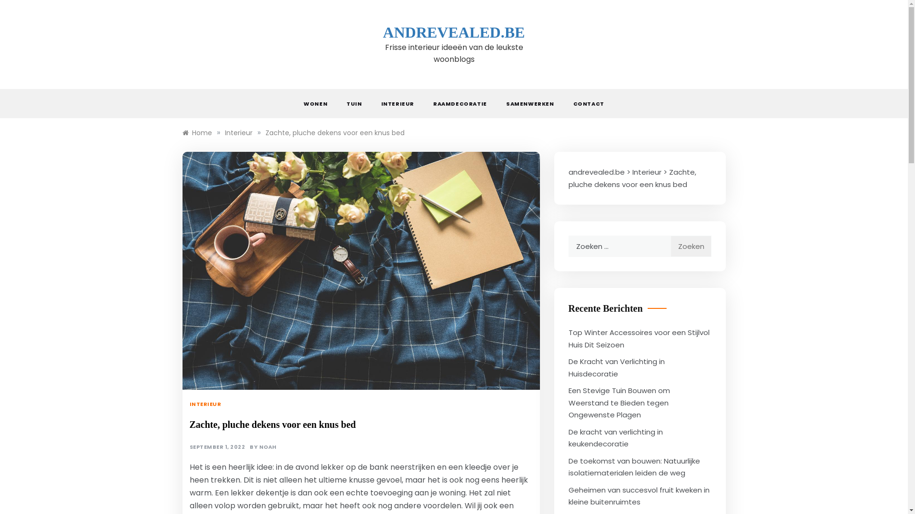 The height and width of the screenshot is (514, 915). Describe the element at coordinates (616, 367) in the screenshot. I see `'De Kracht van Verlichting in Huisdecoratie'` at that location.